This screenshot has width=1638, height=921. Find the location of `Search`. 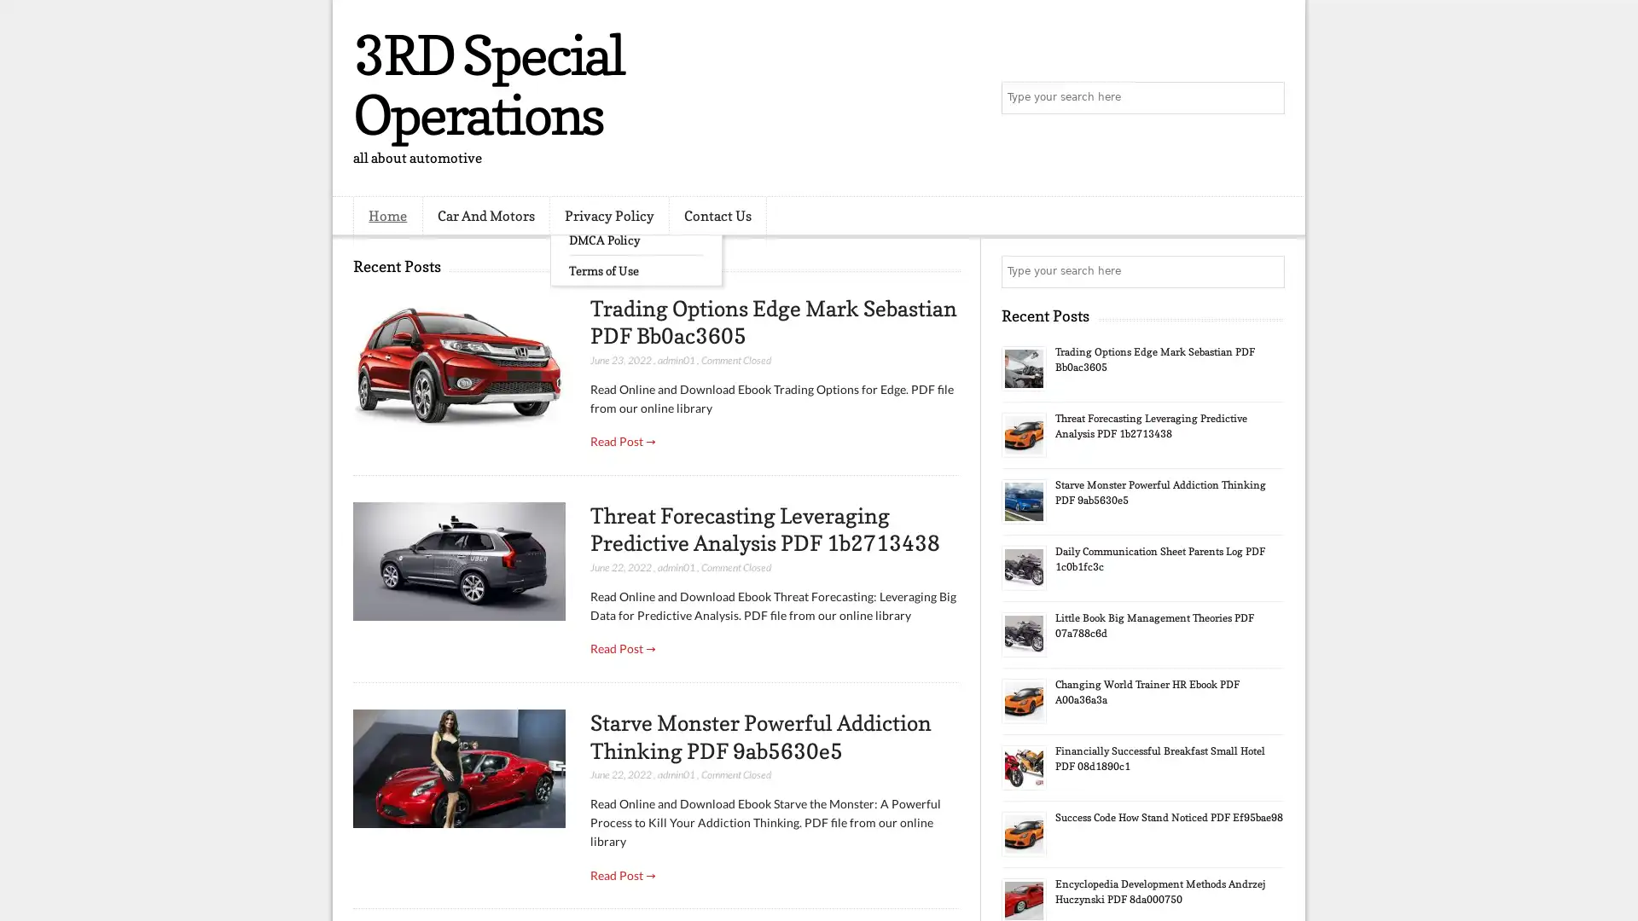

Search is located at coordinates (1267, 271).